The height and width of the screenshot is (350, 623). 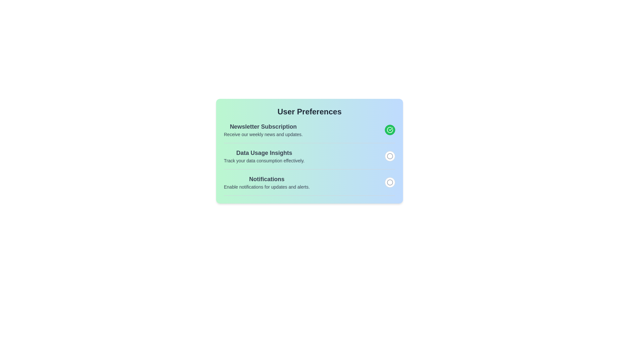 I want to click on the circular check mark icon within a green circle located in the 'User Preferences' section under the 'Newsletter Subscription' heading, so click(x=389, y=130).